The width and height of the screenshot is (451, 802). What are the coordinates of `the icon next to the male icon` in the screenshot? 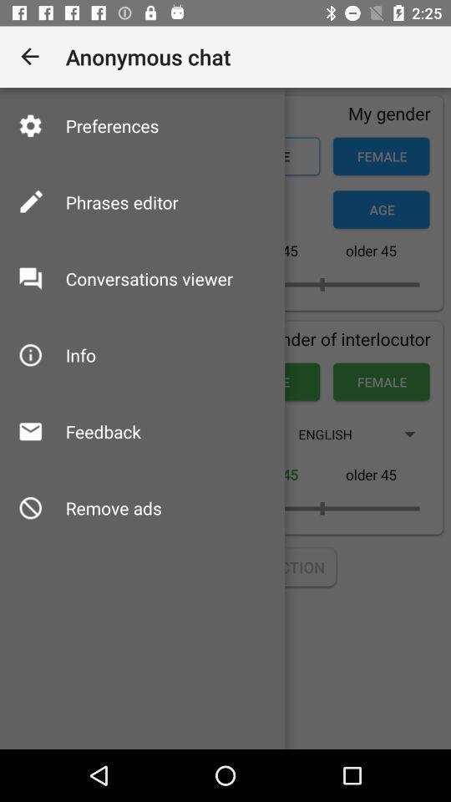 It's located at (79, 355).